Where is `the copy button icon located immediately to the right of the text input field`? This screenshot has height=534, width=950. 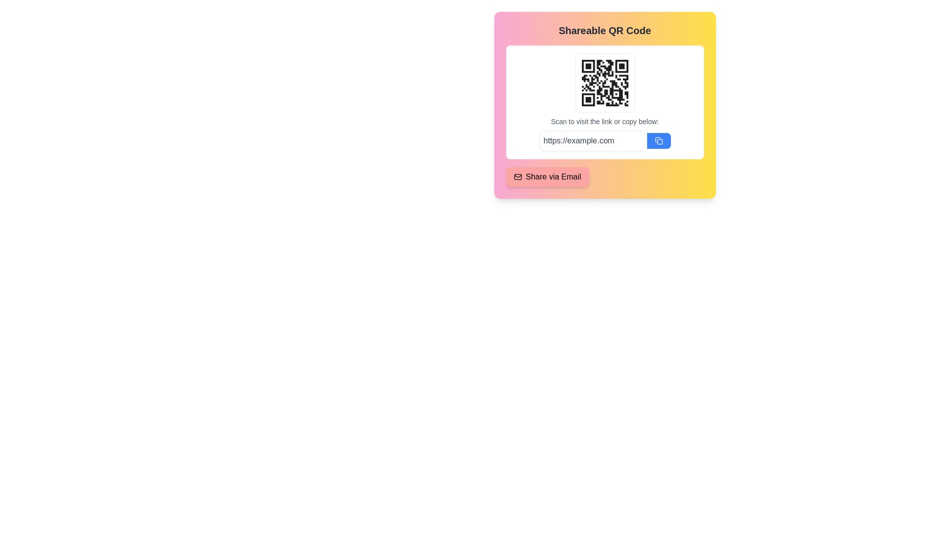
the copy button icon located immediately to the right of the text input field is located at coordinates (659, 141).